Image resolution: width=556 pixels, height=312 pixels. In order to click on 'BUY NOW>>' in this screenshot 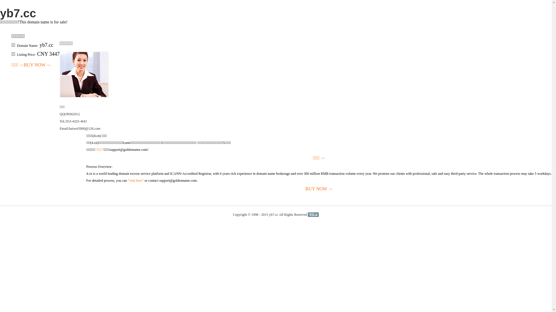, I will do `click(319, 189)`.